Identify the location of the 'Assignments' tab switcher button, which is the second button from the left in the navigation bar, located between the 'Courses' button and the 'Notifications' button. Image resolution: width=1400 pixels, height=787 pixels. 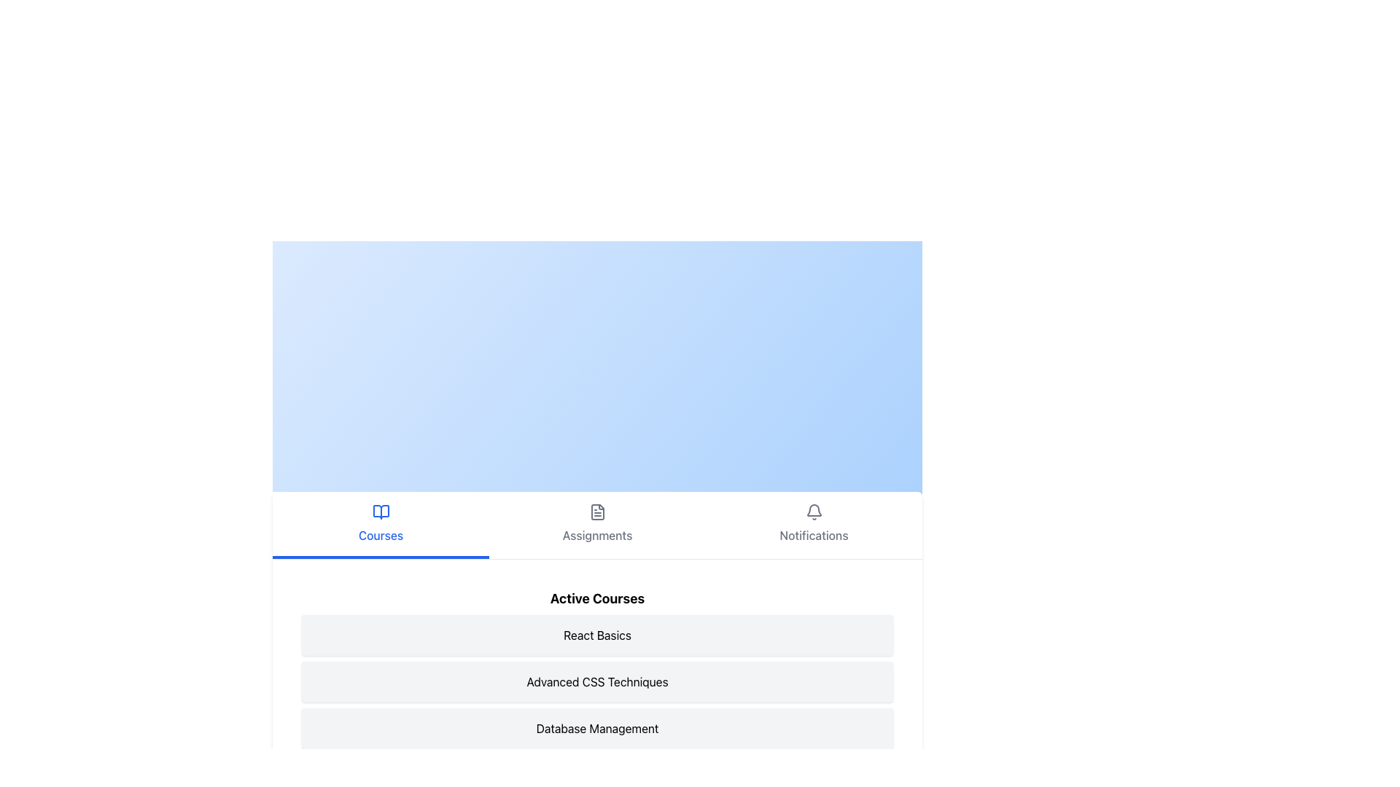
(597, 525).